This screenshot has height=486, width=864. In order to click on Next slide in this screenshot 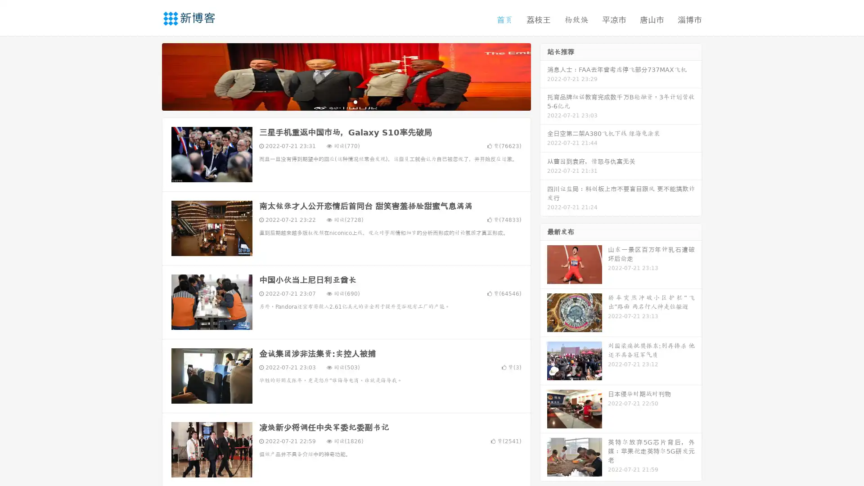, I will do `click(544, 76)`.